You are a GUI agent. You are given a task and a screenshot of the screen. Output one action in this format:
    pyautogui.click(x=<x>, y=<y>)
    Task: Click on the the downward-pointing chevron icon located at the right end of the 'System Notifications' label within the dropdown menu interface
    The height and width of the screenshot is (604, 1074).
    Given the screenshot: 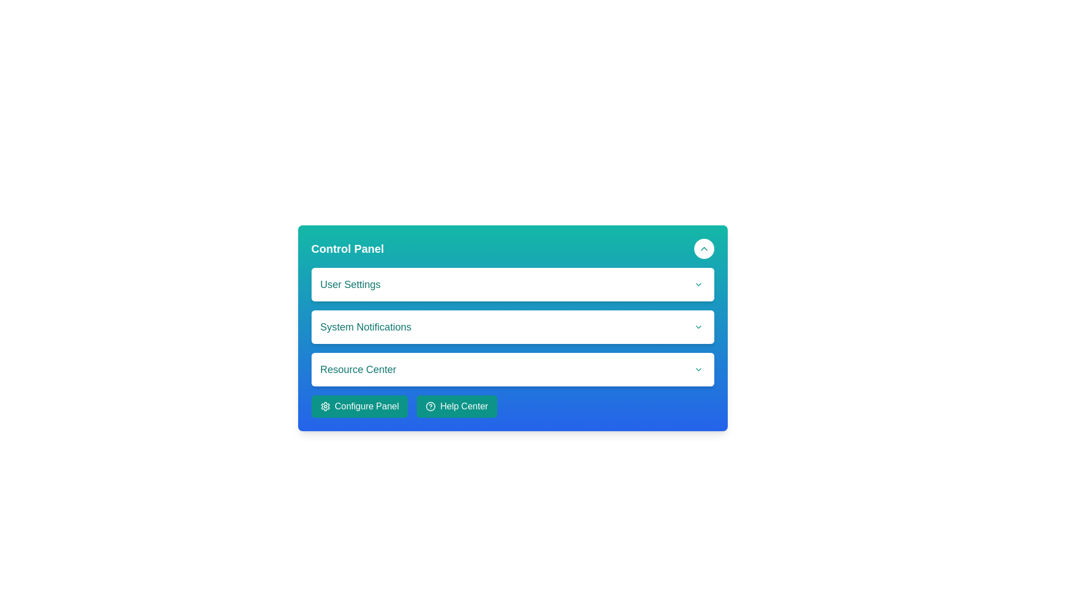 What is the action you would take?
    pyautogui.click(x=698, y=327)
    